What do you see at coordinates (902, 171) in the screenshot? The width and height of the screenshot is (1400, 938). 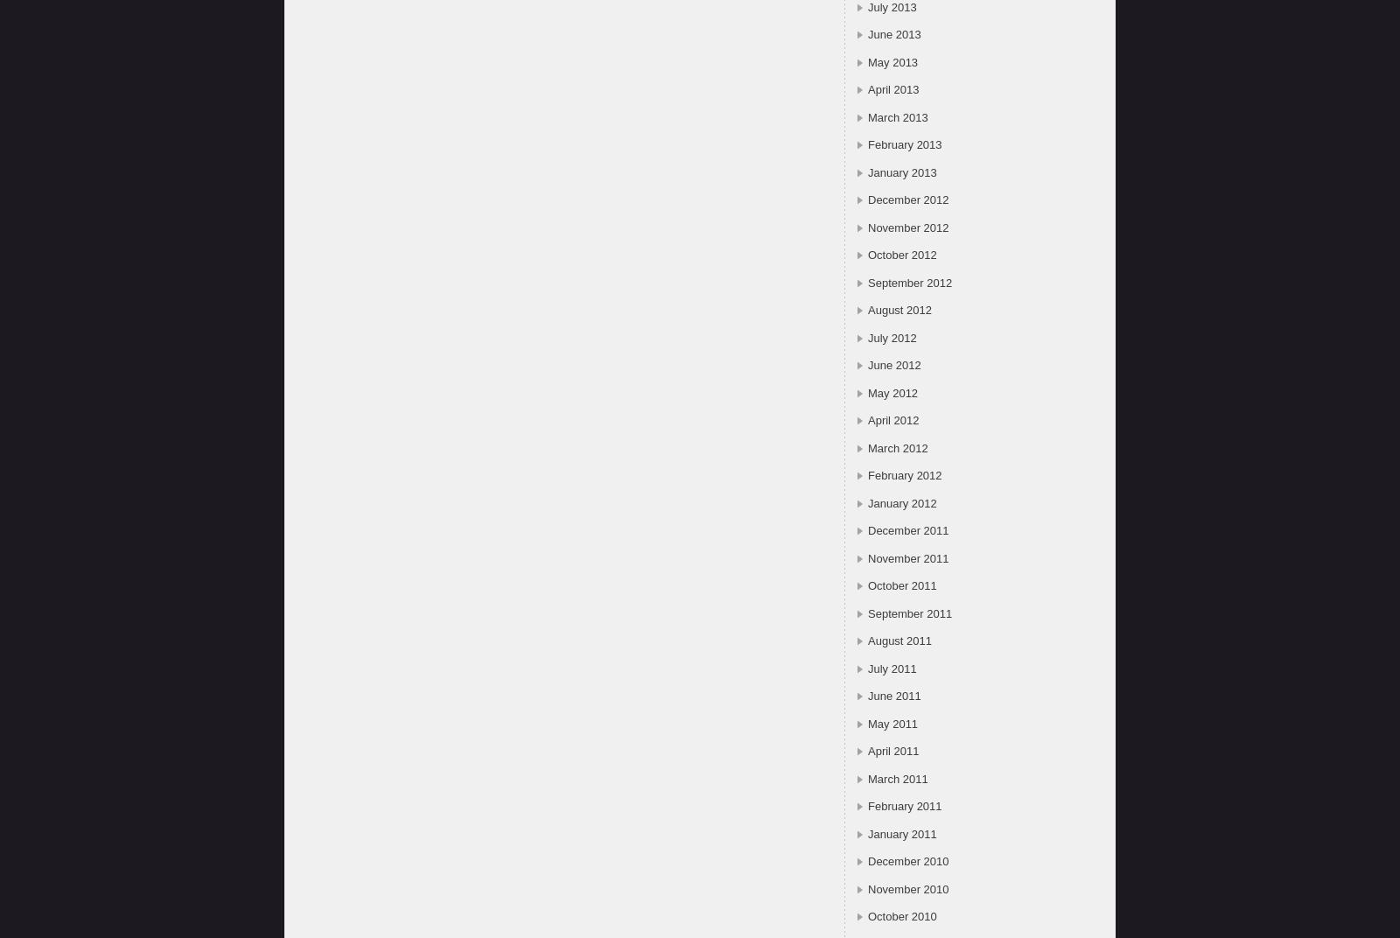 I see `'January 2013'` at bounding box center [902, 171].